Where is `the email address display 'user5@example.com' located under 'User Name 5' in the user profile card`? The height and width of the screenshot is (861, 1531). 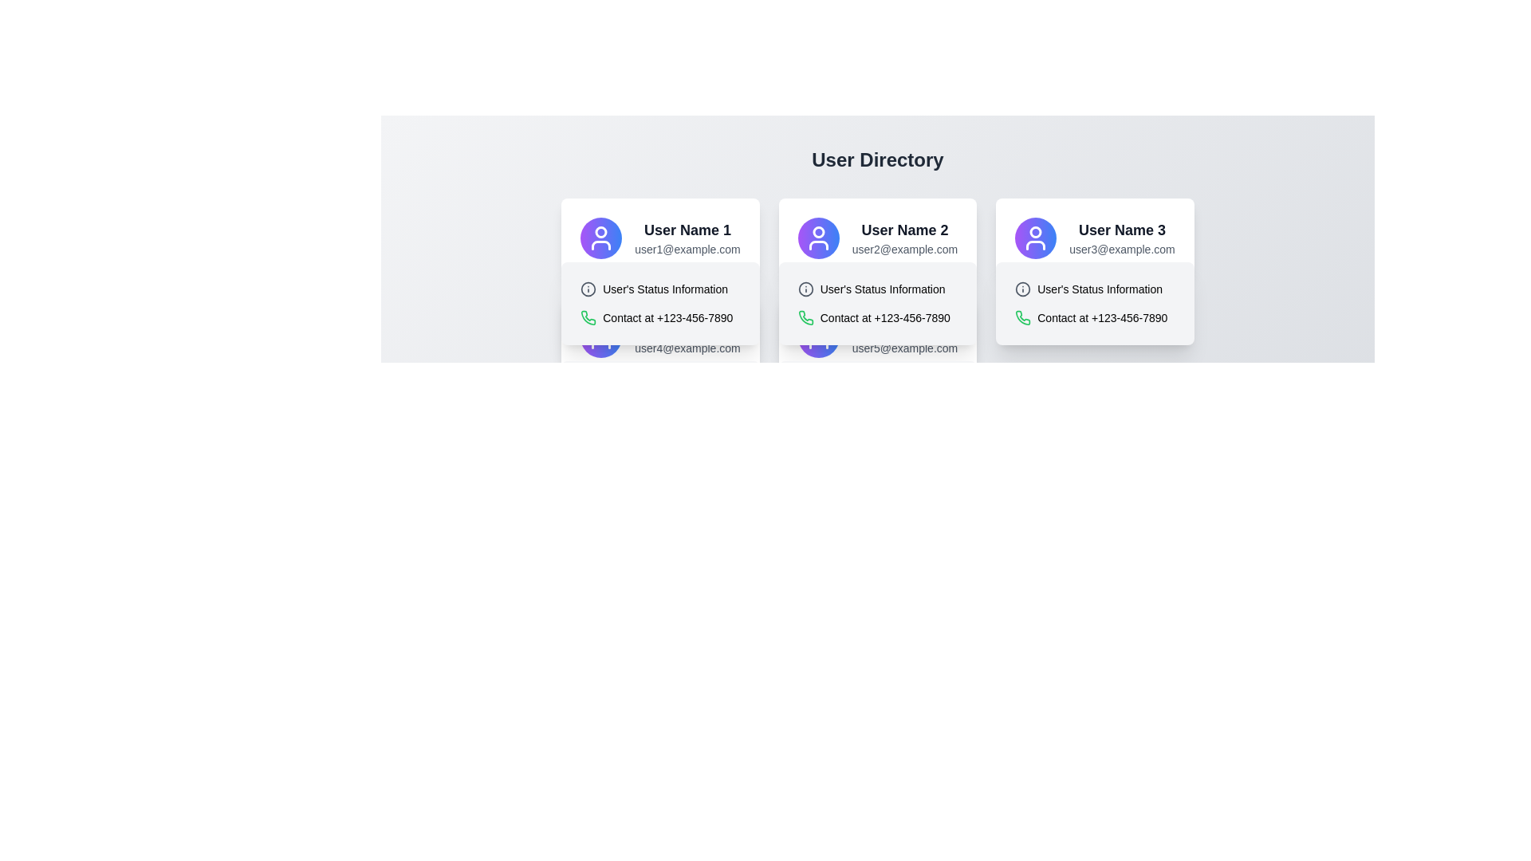 the email address display 'user5@example.com' located under 'User Name 5' in the user profile card is located at coordinates (904, 347).